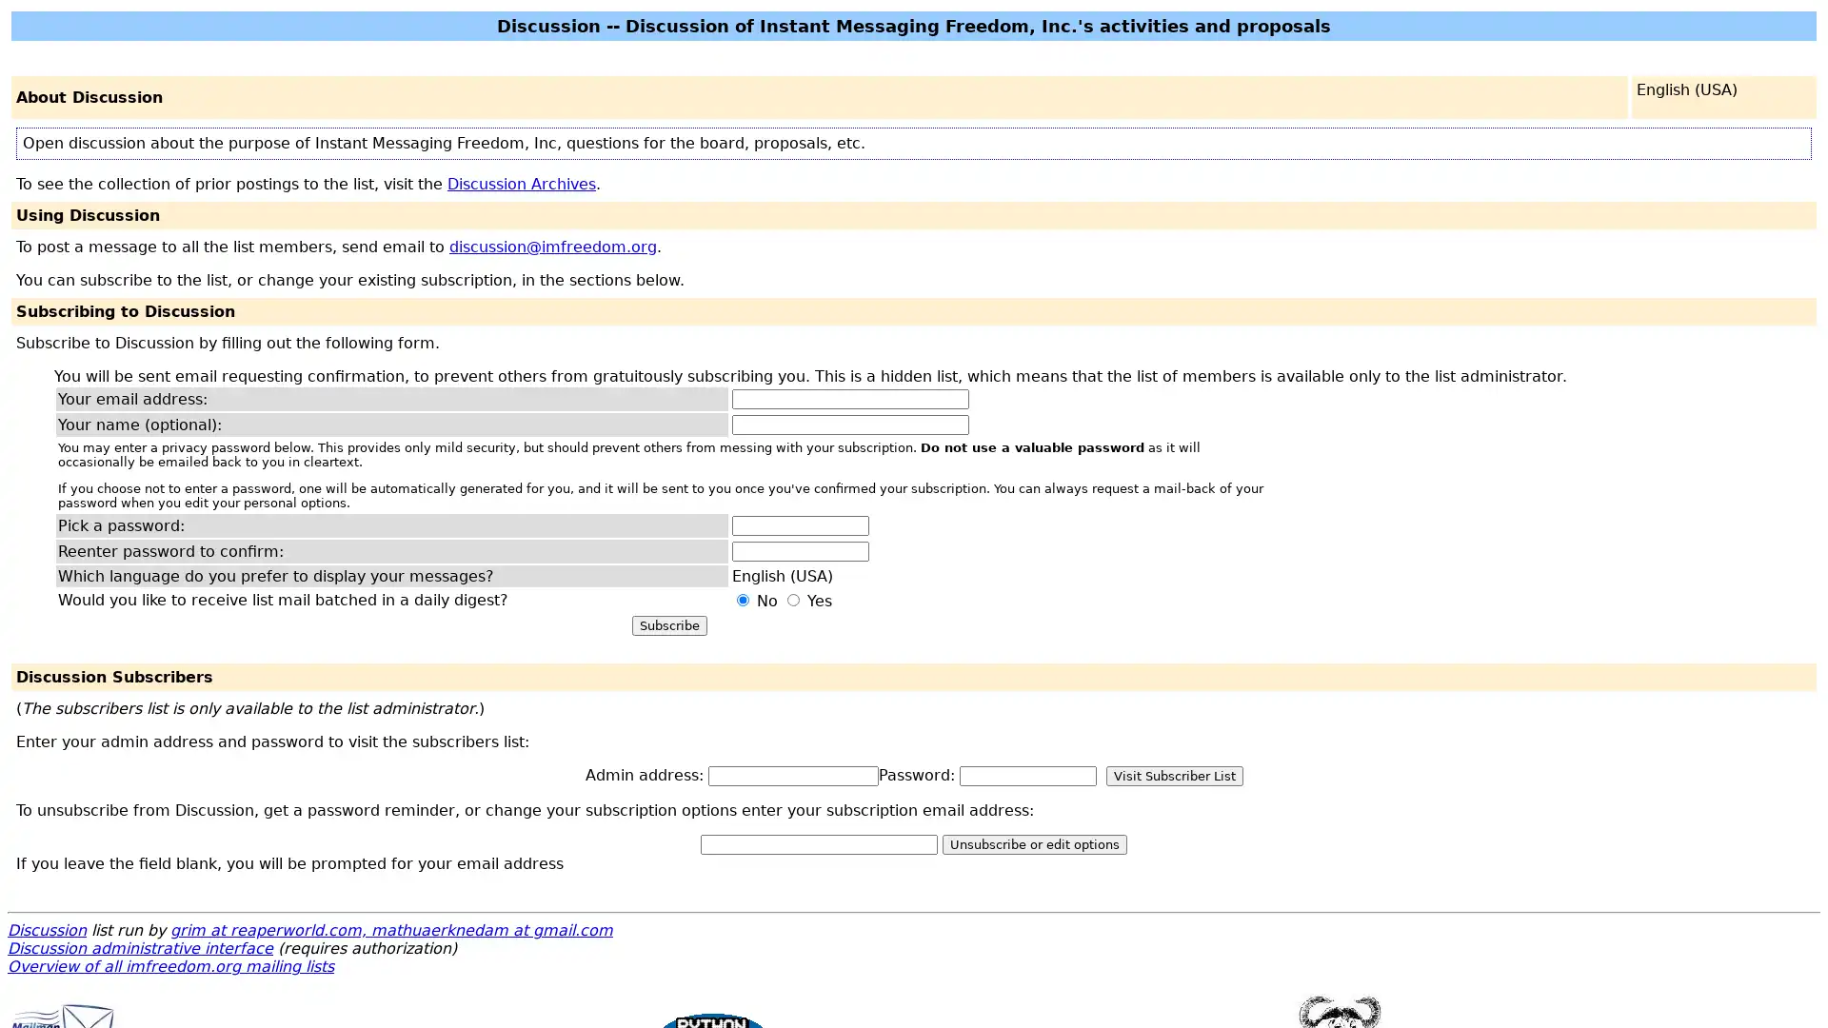  I want to click on Subscribe, so click(668, 624).